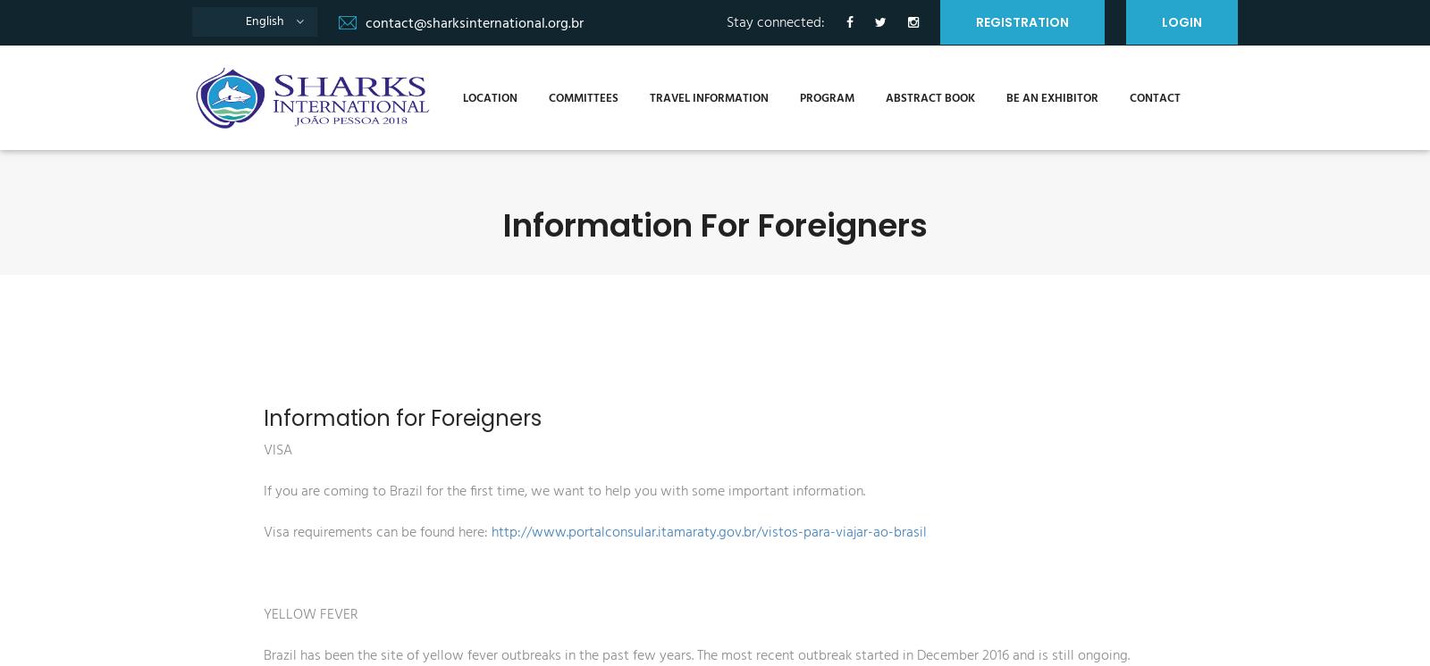 This screenshot has width=1430, height=666. What do you see at coordinates (1022, 21) in the screenshot?
I see `'Registration'` at bounding box center [1022, 21].